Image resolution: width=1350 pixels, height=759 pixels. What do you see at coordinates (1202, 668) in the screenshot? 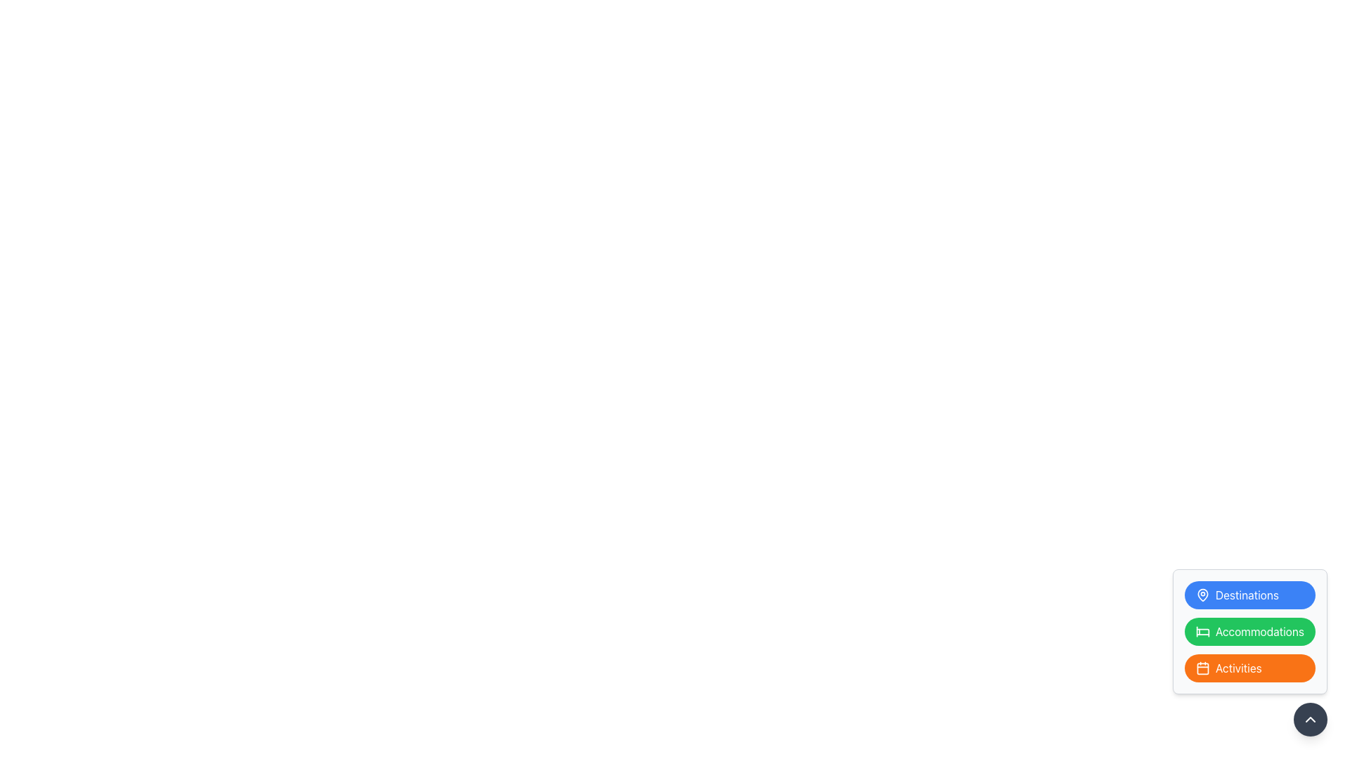
I see `the calendar icon, which is styled as part of the 'Activities' button, located at the bottom-right corner of the interface` at bounding box center [1202, 668].